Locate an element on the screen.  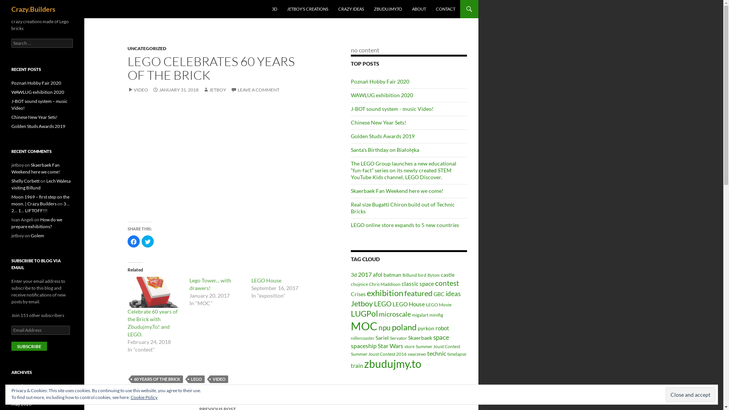
'LUGPol' is located at coordinates (350, 313).